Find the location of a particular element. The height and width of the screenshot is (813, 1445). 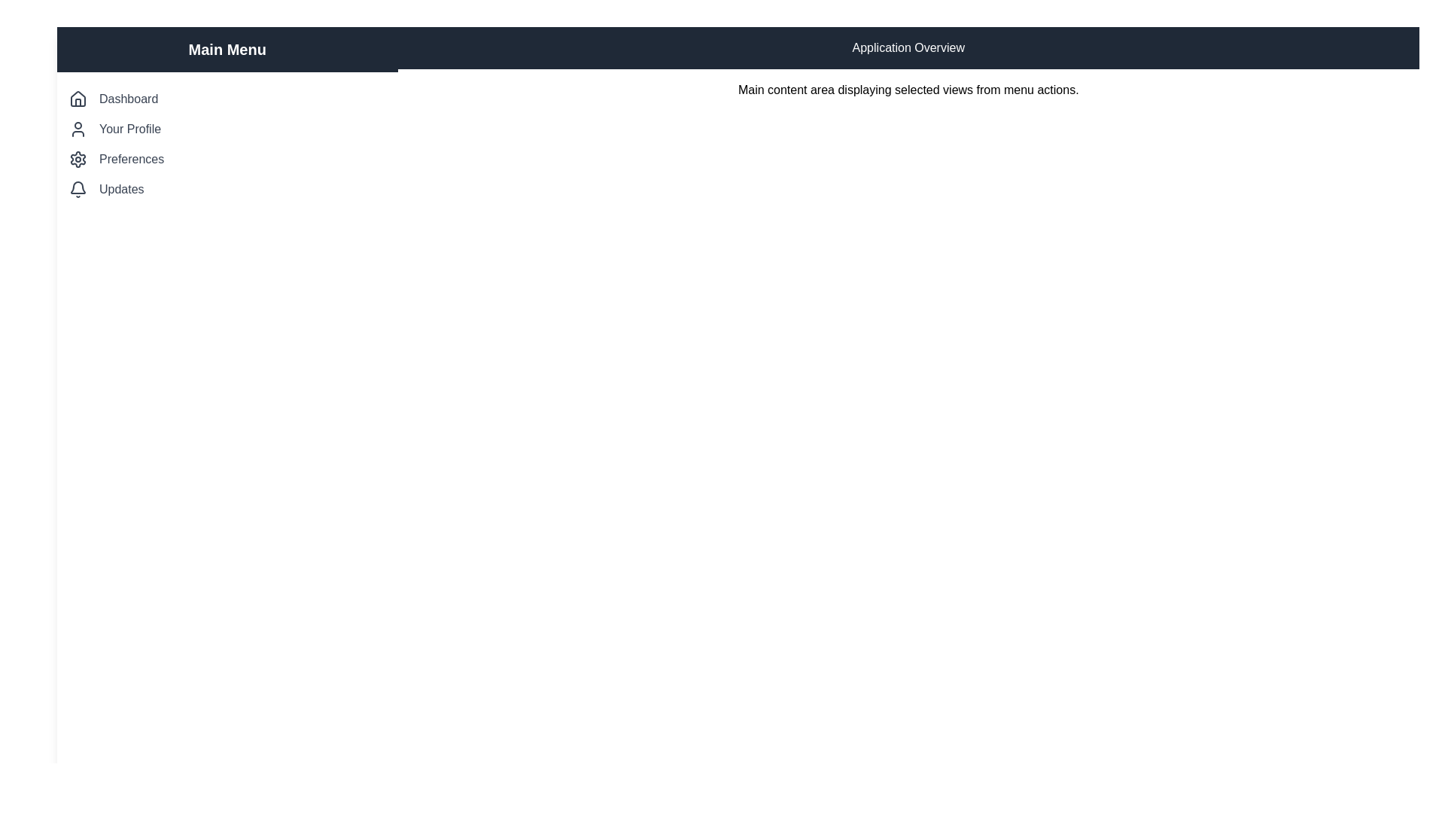

the house icon located in the topmost row of the left-side vertical menu that is labeled 'Dashboard' is located at coordinates (78, 99).